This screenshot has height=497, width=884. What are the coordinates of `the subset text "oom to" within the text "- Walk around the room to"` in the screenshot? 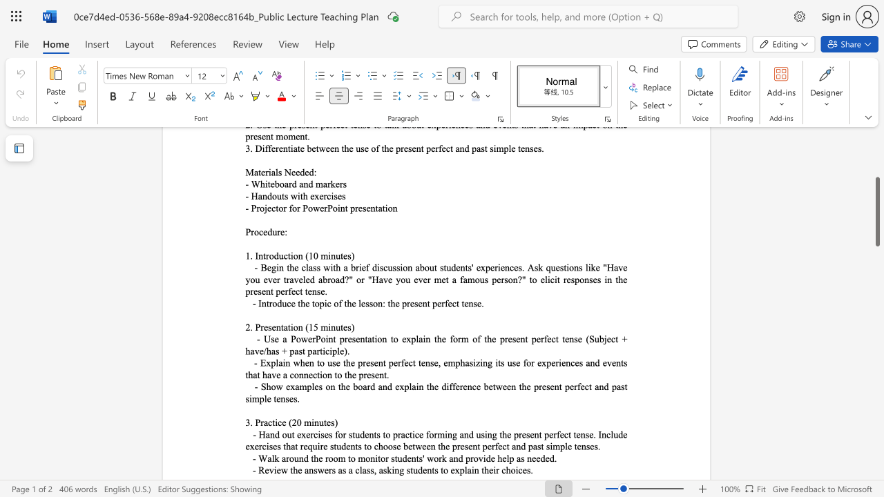 It's located at (327, 458).